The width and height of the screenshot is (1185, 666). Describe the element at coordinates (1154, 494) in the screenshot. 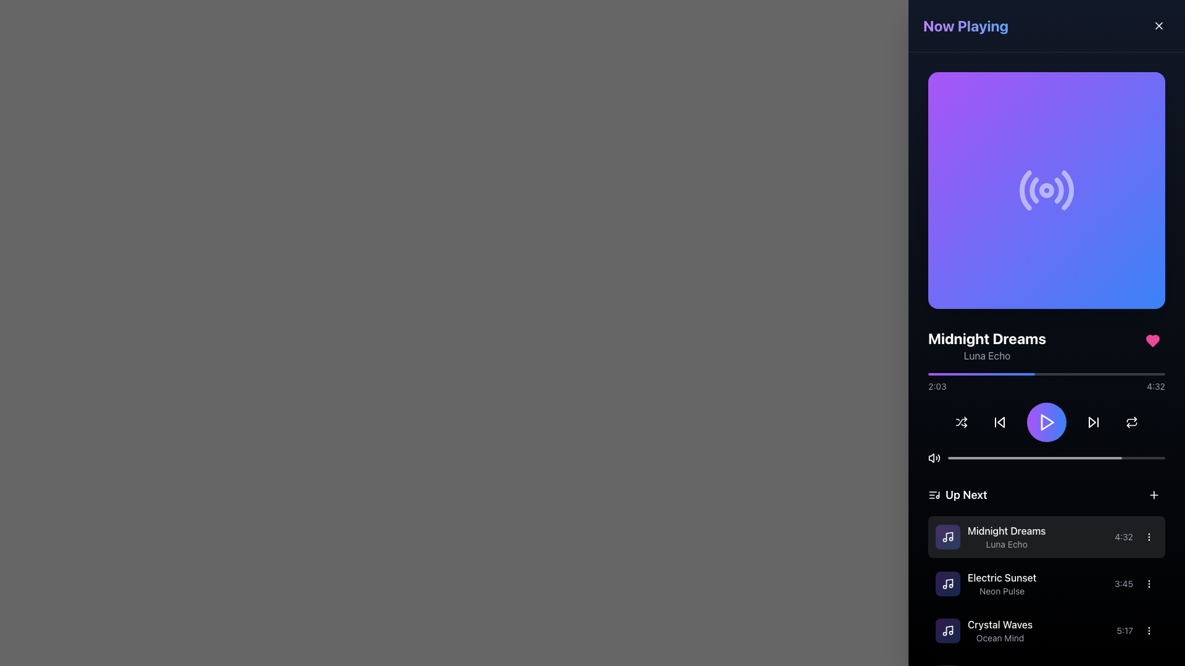

I see `the '+' icon in the 'Up Next' section, located at the top-right corner` at that location.